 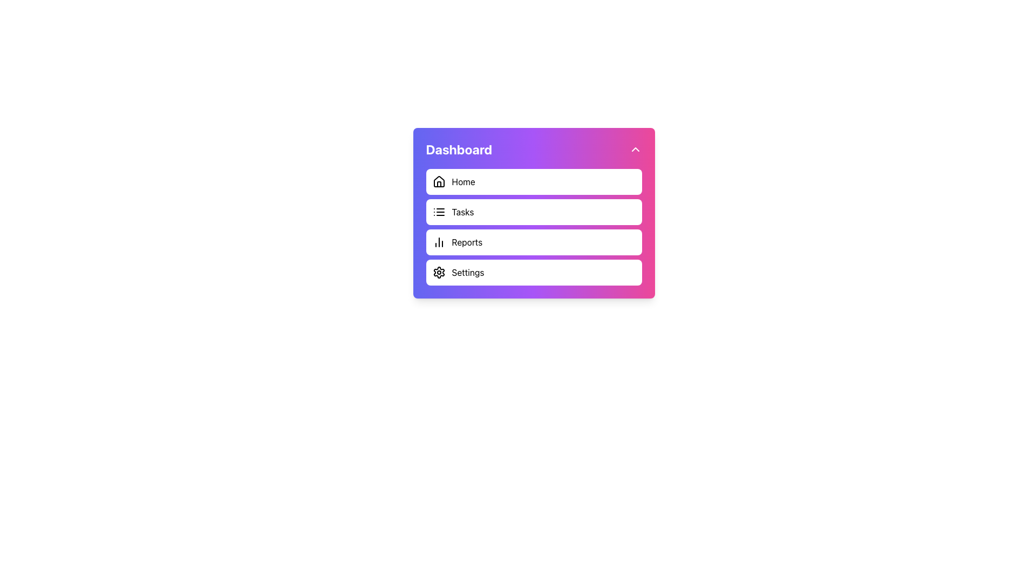 I want to click on the 'Reports' button-like menu item, which is the third item in the vertical list within the 'Dashboard' menu, so click(x=534, y=241).